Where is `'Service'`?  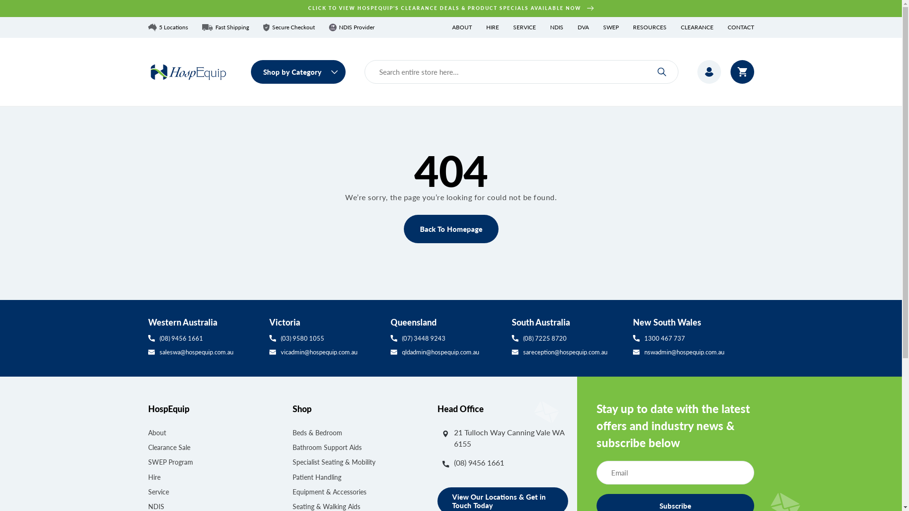 'Service' is located at coordinates (158, 491).